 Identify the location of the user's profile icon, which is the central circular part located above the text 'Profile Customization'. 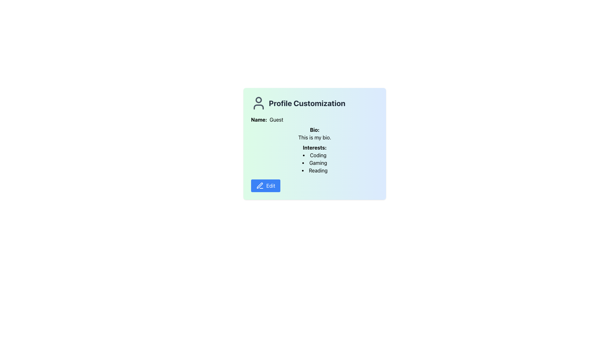
(258, 100).